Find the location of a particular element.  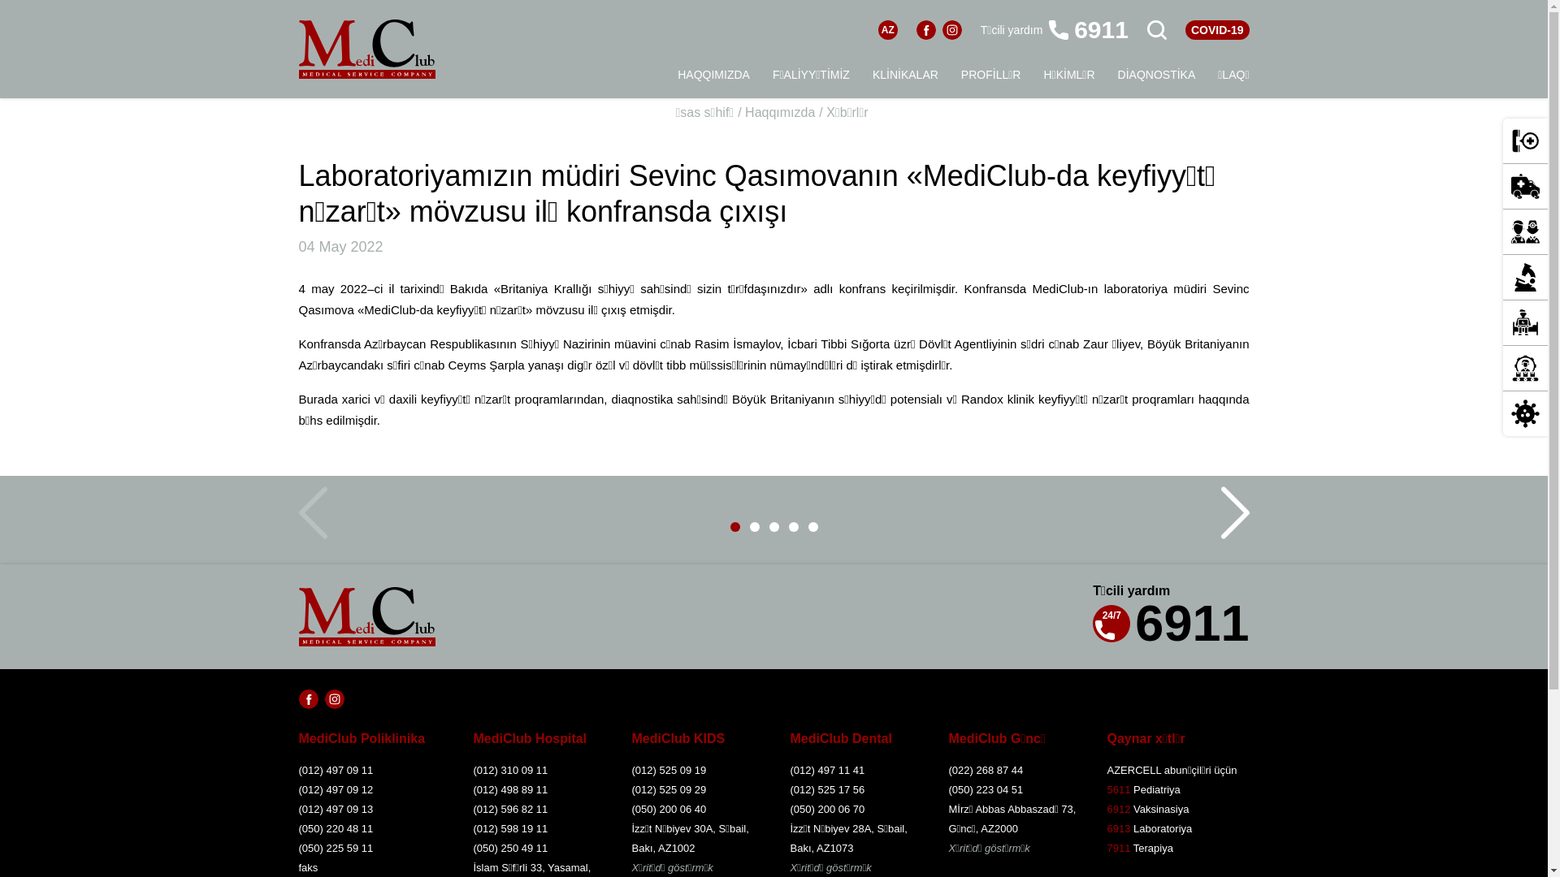

'5' is located at coordinates (807, 526).